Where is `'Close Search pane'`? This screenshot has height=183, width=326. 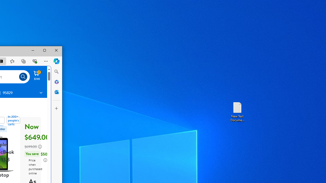
'Close Search pane' is located at coordinates (57, 72).